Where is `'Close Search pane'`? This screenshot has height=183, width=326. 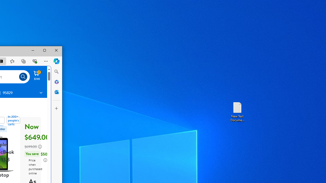
'Close Search pane' is located at coordinates (57, 72).